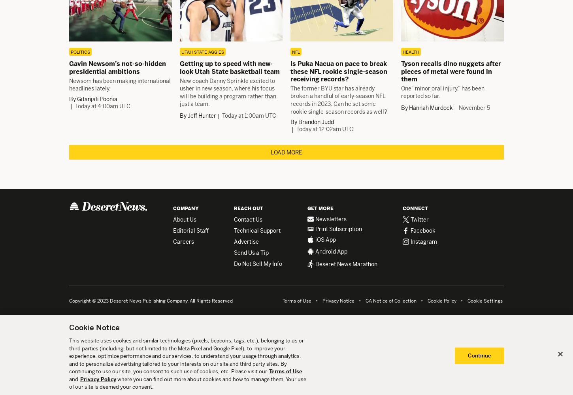  Describe the element at coordinates (474, 108) in the screenshot. I see `'November 5'` at that location.